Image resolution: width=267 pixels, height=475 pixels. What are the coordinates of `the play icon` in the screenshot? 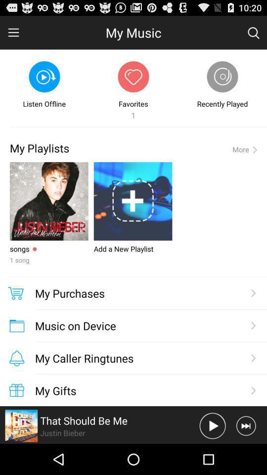 It's located at (212, 456).